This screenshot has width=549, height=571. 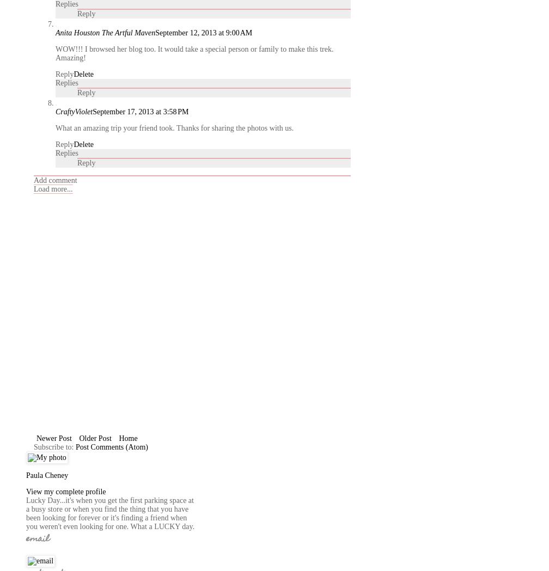 I want to click on 'View my complete profile', so click(x=26, y=491).